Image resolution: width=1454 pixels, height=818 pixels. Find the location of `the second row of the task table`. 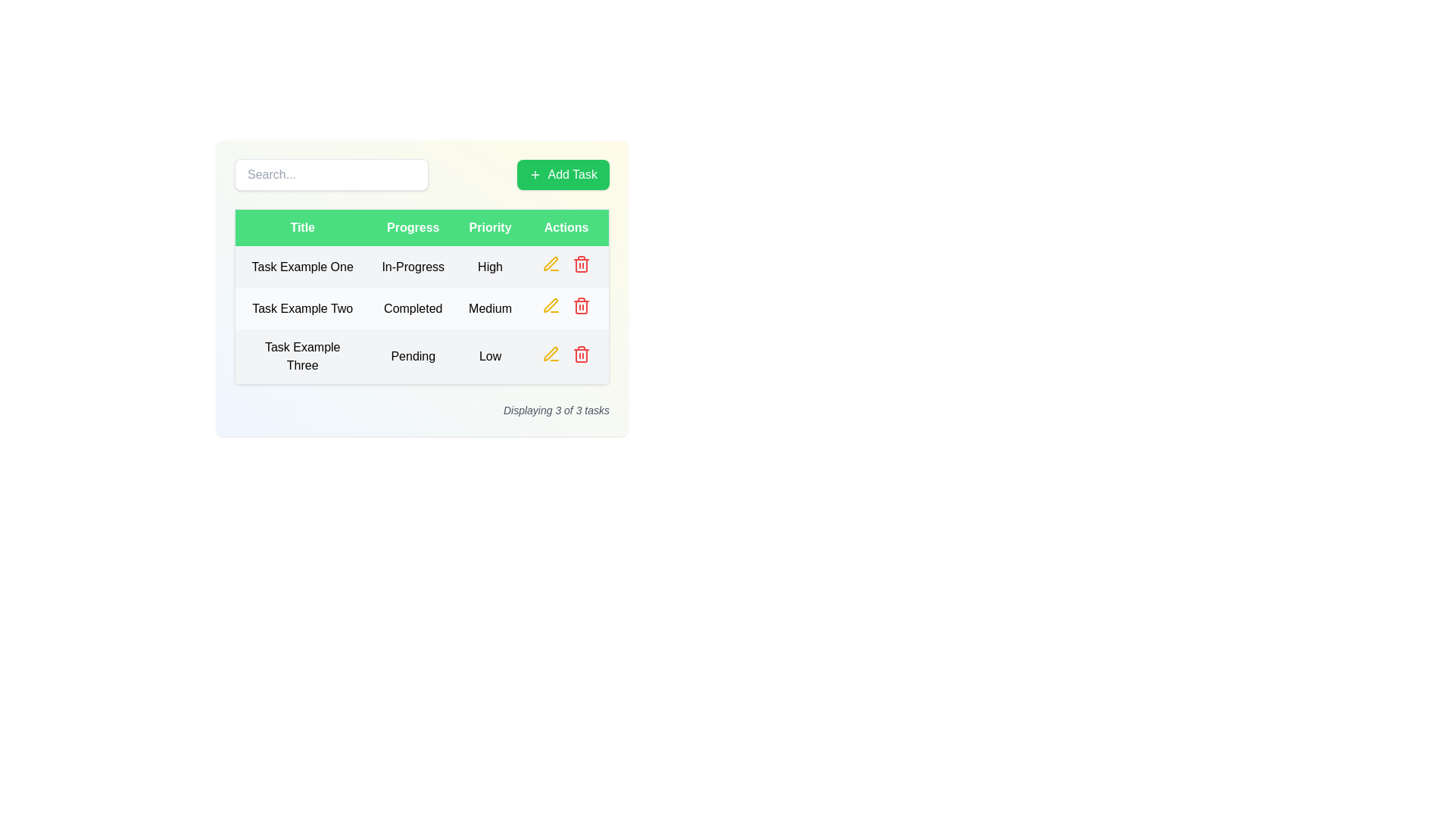

the second row of the task table is located at coordinates (422, 314).